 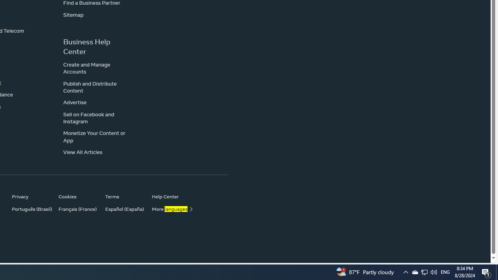 What do you see at coordinates (73, 14) in the screenshot?
I see `'Sitemap'` at bounding box center [73, 14].